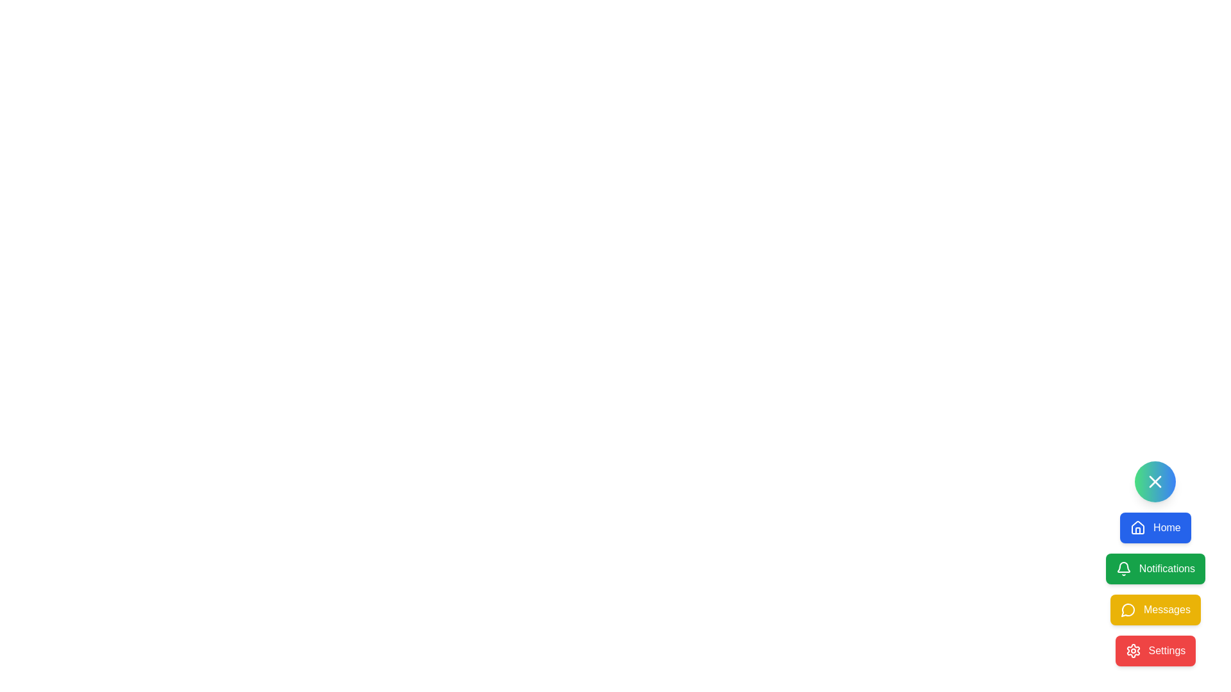 The height and width of the screenshot is (692, 1231). I want to click on the circular yellow speech bubble icon that is part of the 'Messages' button, located on the right-hand side of the interface, so click(1127, 609).